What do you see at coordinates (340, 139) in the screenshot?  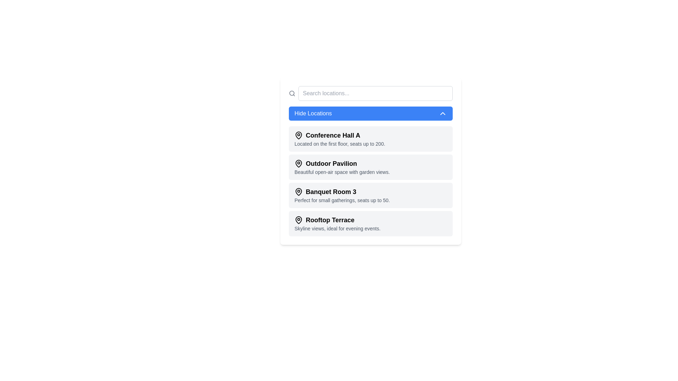 I see `the first list item displaying 'Conference Hall A Located on the first floor, seats up to 200.' which includes a map pin icon` at bounding box center [340, 139].